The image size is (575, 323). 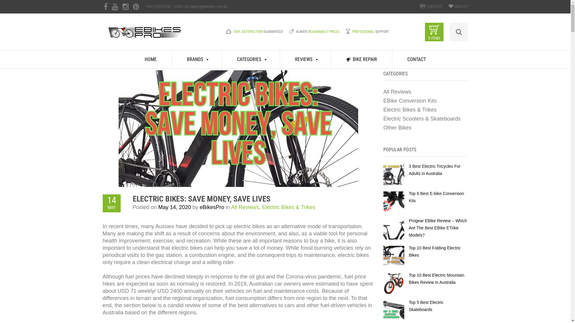 I want to click on 'Top 10 Best Electric Mountain Bikes Review in Australia', so click(x=436, y=279).